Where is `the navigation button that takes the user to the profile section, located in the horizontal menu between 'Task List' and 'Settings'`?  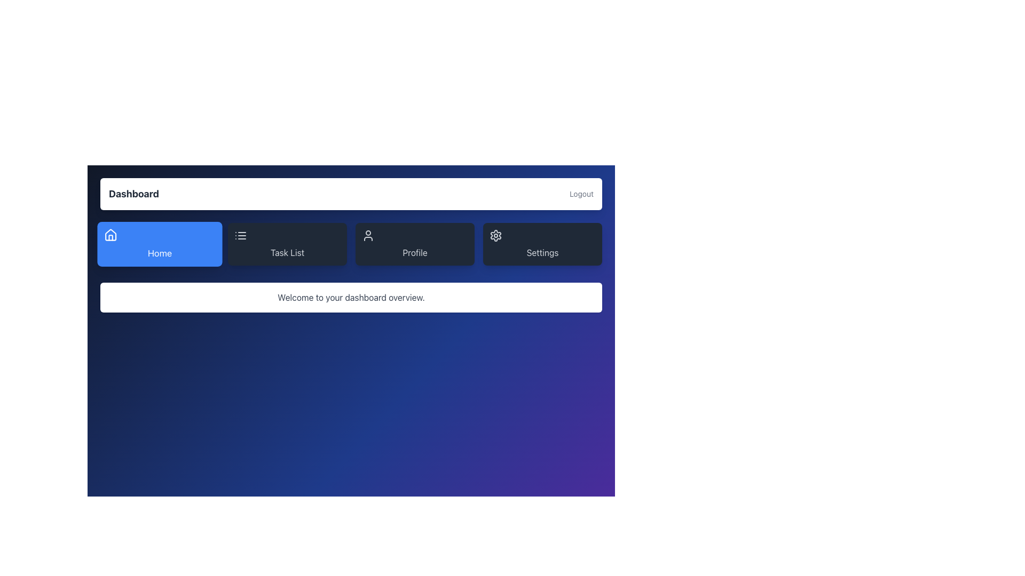
the navigation button that takes the user to the profile section, located in the horizontal menu between 'Task List' and 'Settings' is located at coordinates (414, 244).